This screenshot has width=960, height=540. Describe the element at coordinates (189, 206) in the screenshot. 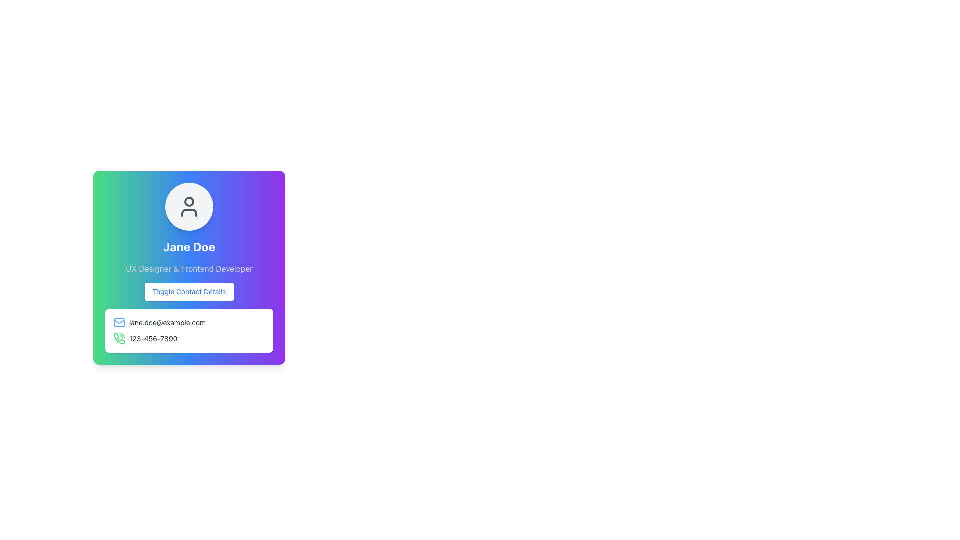

I see `the circular profile image placeholder at the top center of the user card, which has a gray background and a user silhouette icon` at that location.